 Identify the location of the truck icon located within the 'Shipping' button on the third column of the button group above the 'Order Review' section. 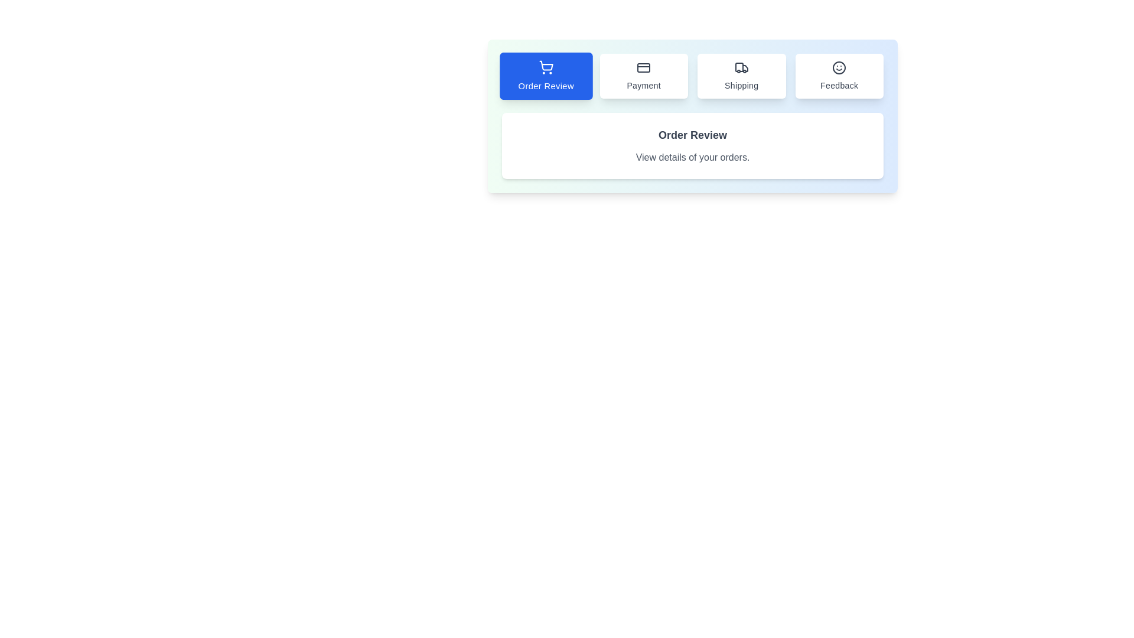
(741, 68).